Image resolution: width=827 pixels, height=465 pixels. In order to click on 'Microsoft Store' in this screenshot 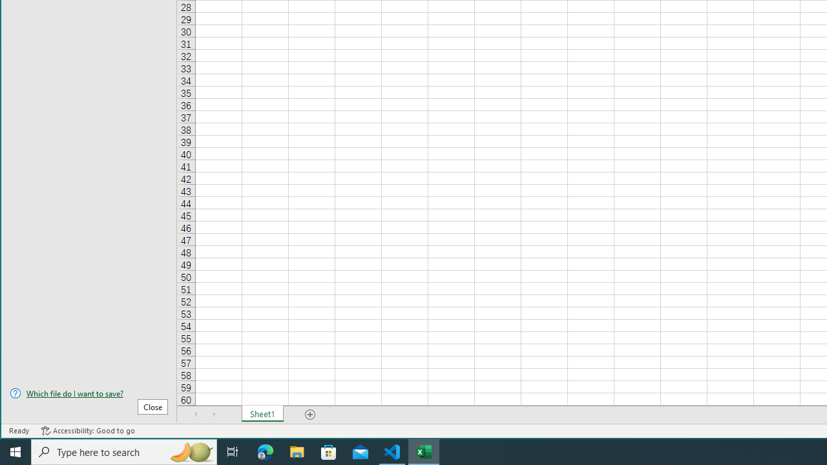, I will do `click(329, 451)`.